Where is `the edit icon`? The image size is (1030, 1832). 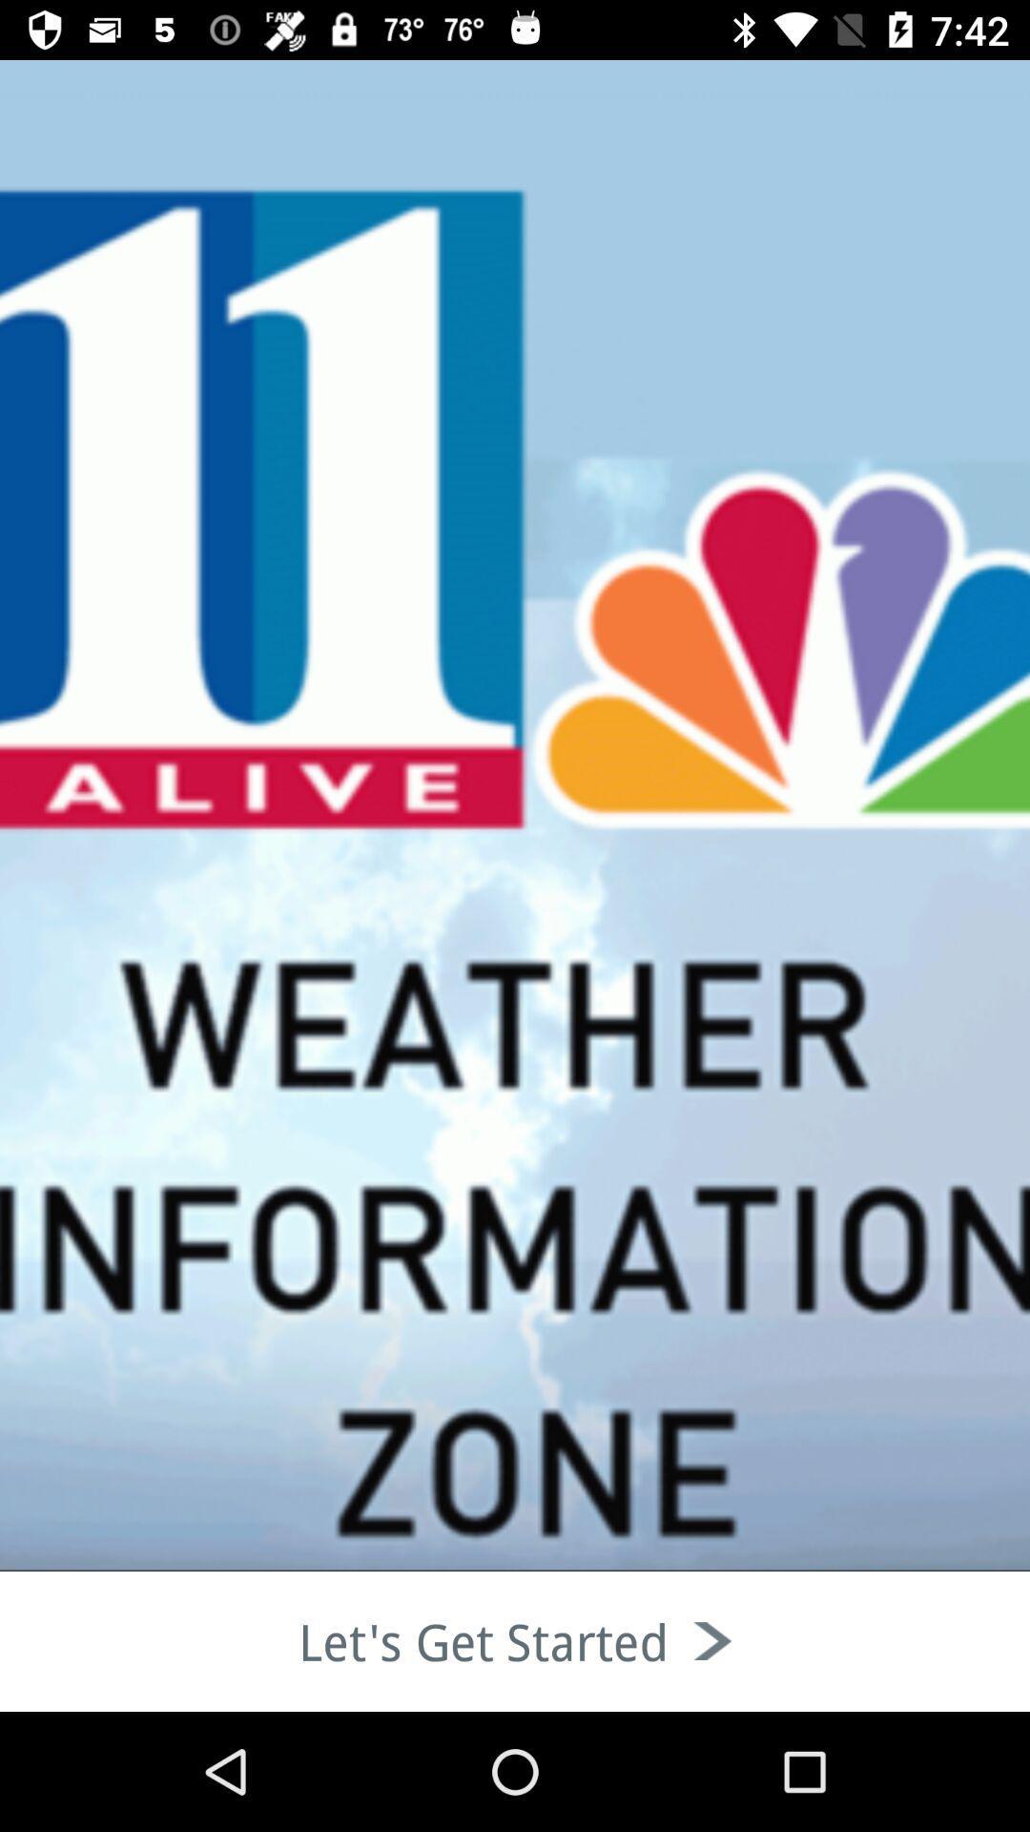
the edit icon is located at coordinates (125, 229).